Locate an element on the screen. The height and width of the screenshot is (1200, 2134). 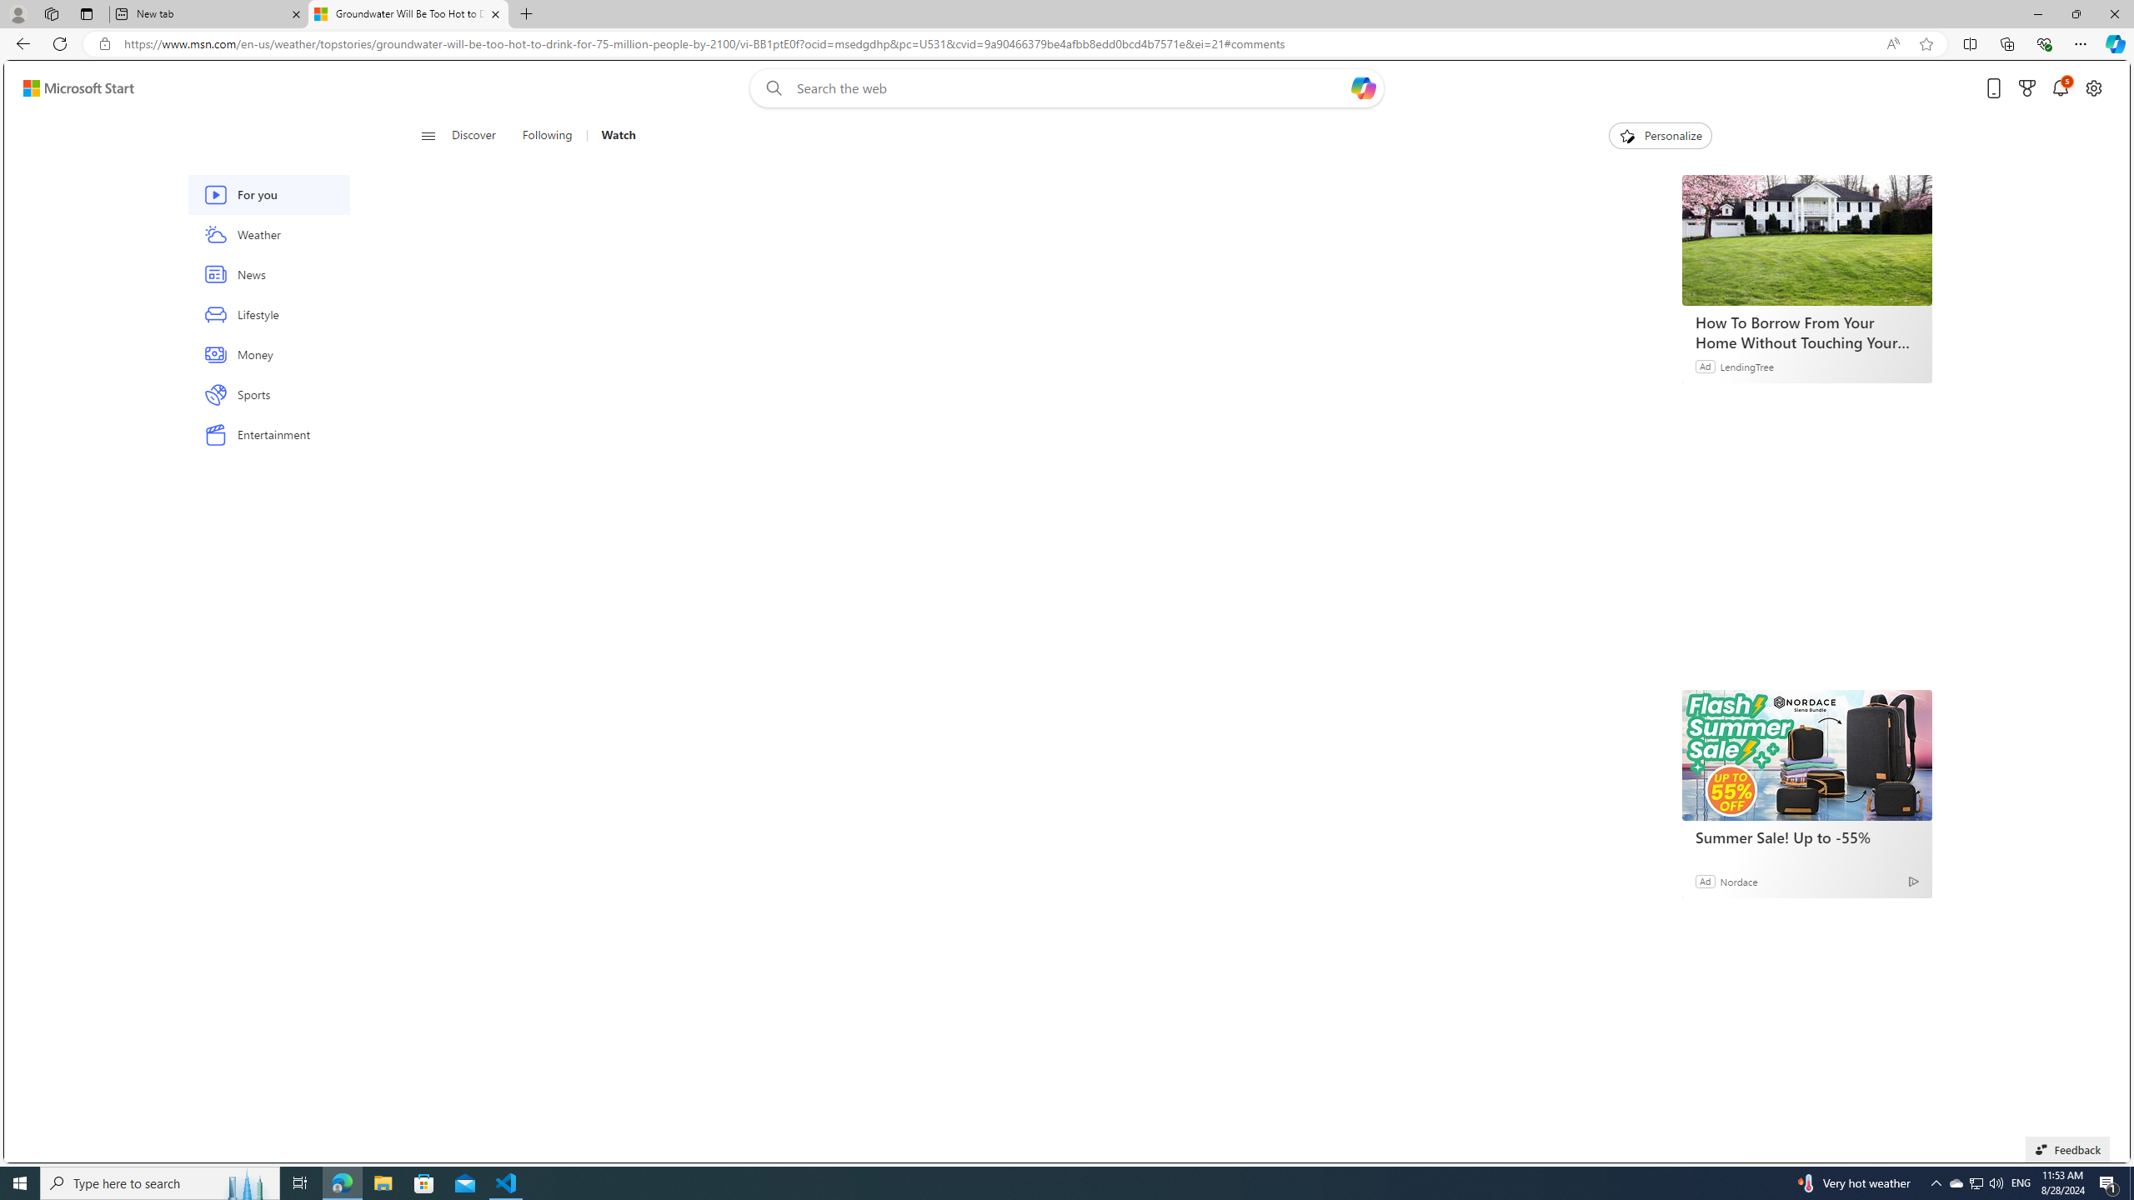
'Summer Sale! Up to -55%' is located at coordinates (1806, 754).